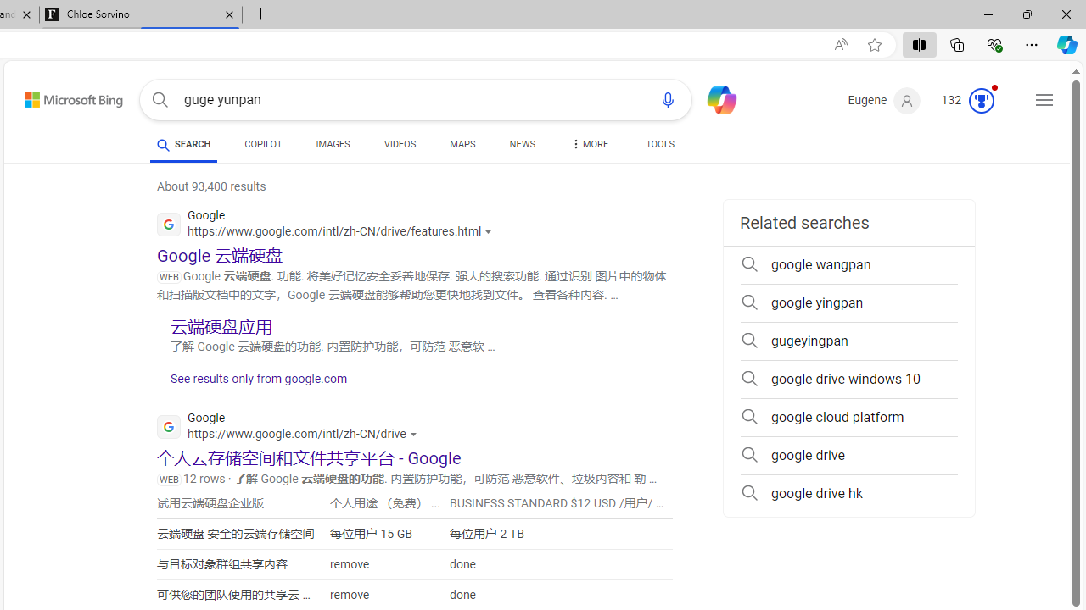 The height and width of the screenshot is (610, 1086). I want to click on 'TOOLS', so click(659, 146).